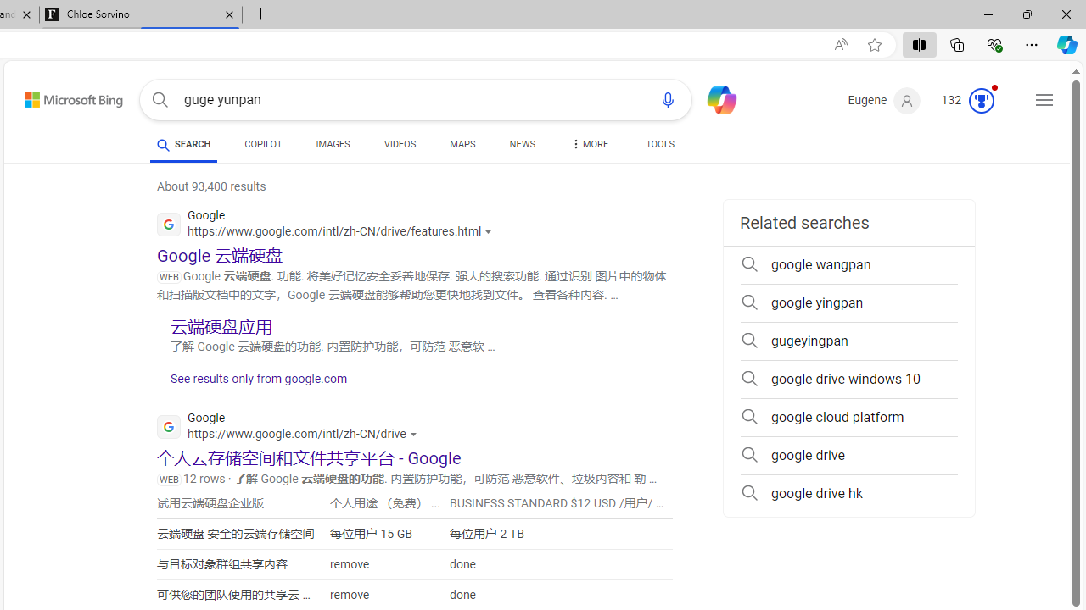 The height and width of the screenshot is (610, 1086). I want to click on 'TOOLS', so click(659, 146).